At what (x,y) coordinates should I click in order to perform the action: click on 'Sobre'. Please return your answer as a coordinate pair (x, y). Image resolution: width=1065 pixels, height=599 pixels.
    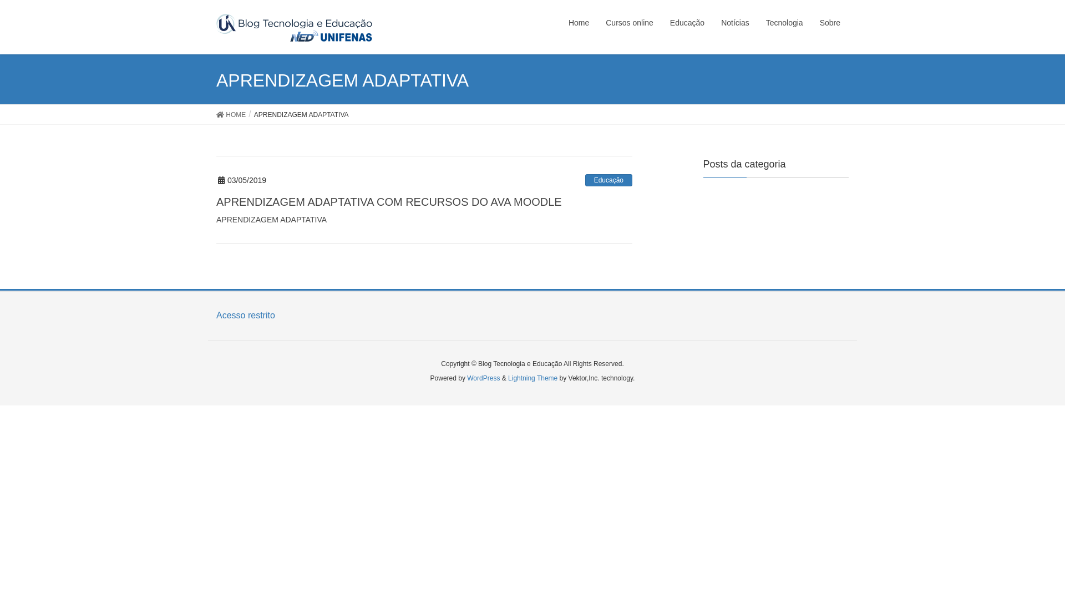
    Looking at the image, I should click on (812, 23).